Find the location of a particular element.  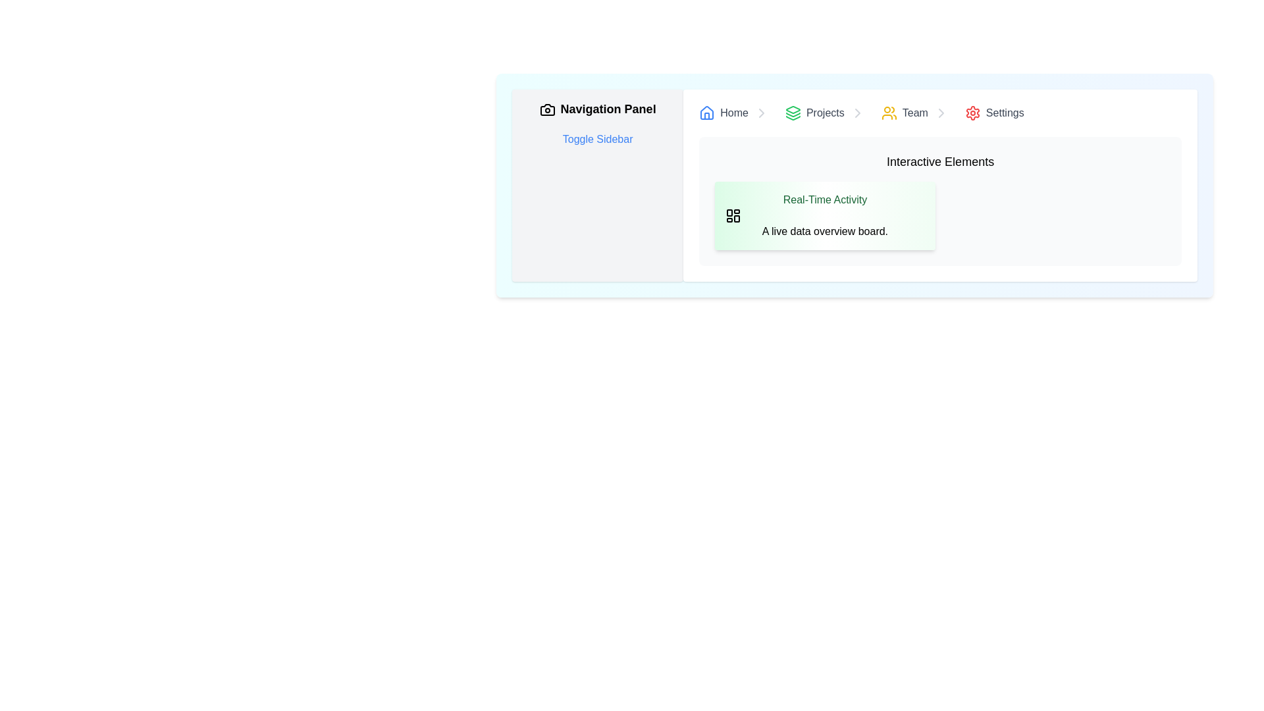

the 'Toggle Sidebar' hyperlink in the leftmost panel of the navigation layout is located at coordinates (597, 185).